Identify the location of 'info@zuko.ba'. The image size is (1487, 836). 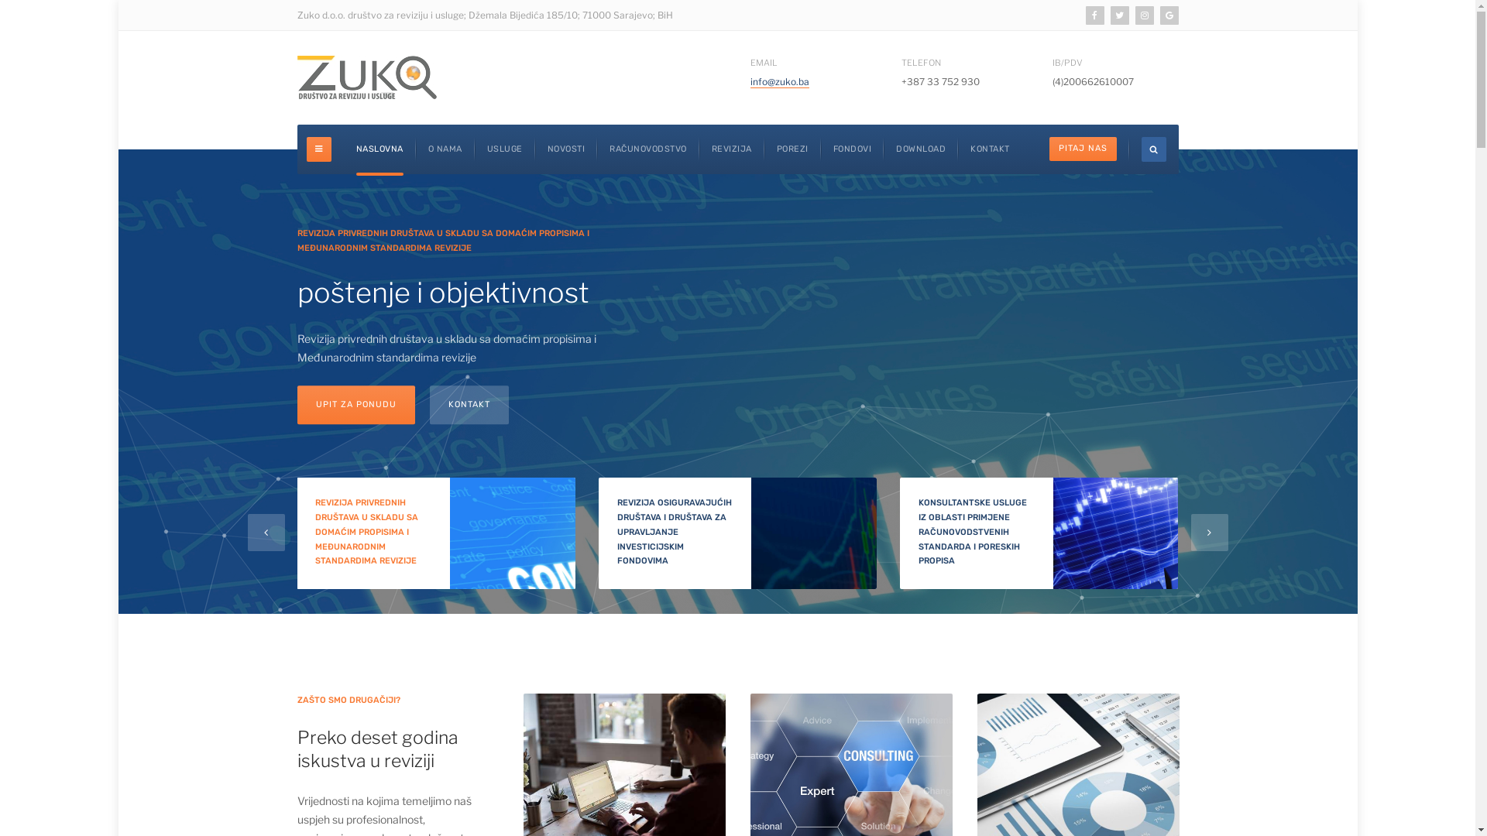
(779, 81).